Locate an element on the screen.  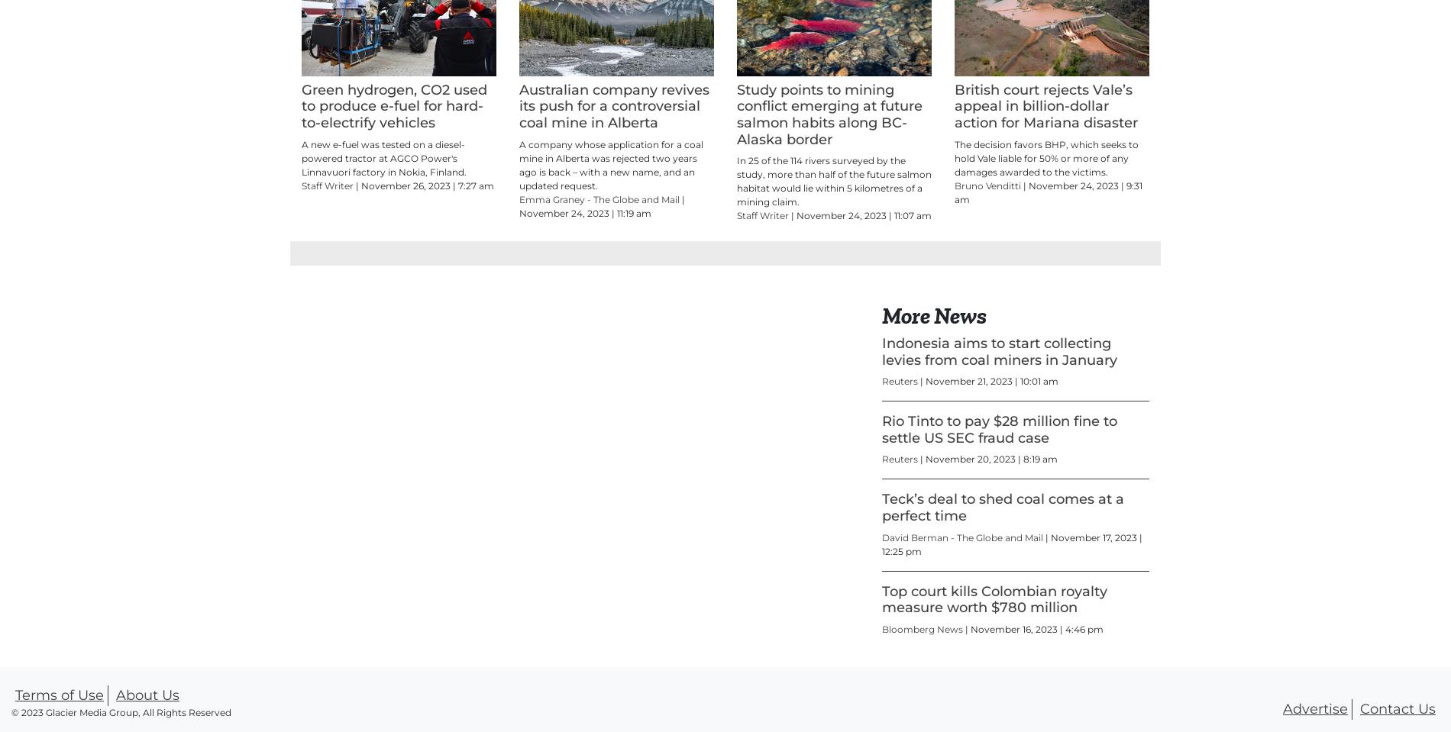
'A company whose application for a coal mine in Alberta was rejected two years ago is back – with a new name, and an updated request.' is located at coordinates (610, 232).